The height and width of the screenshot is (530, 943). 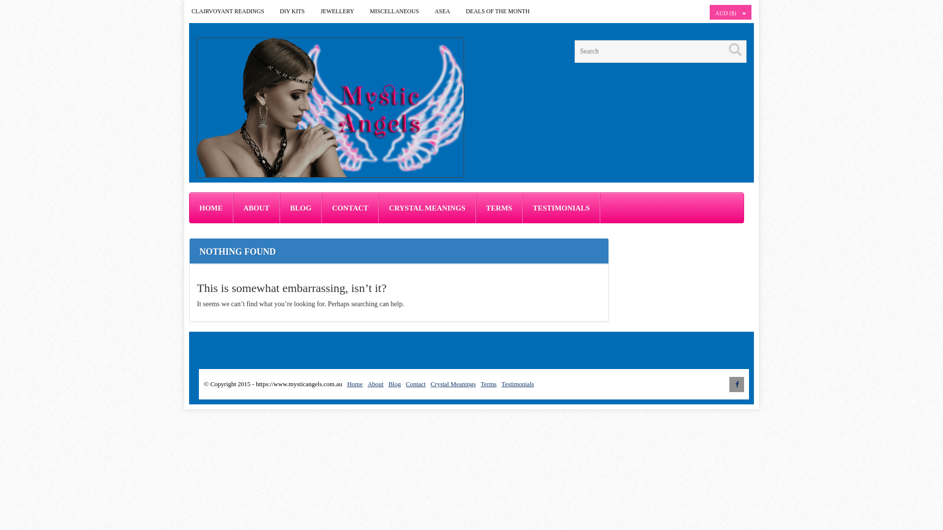 What do you see at coordinates (312, 11) in the screenshot?
I see `'JEWELLERY'` at bounding box center [312, 11].